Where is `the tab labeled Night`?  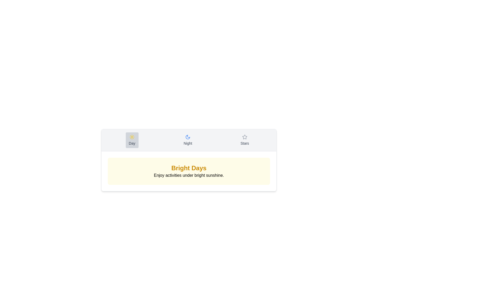
the tab labeled Night is located at coordinates (188, 140).